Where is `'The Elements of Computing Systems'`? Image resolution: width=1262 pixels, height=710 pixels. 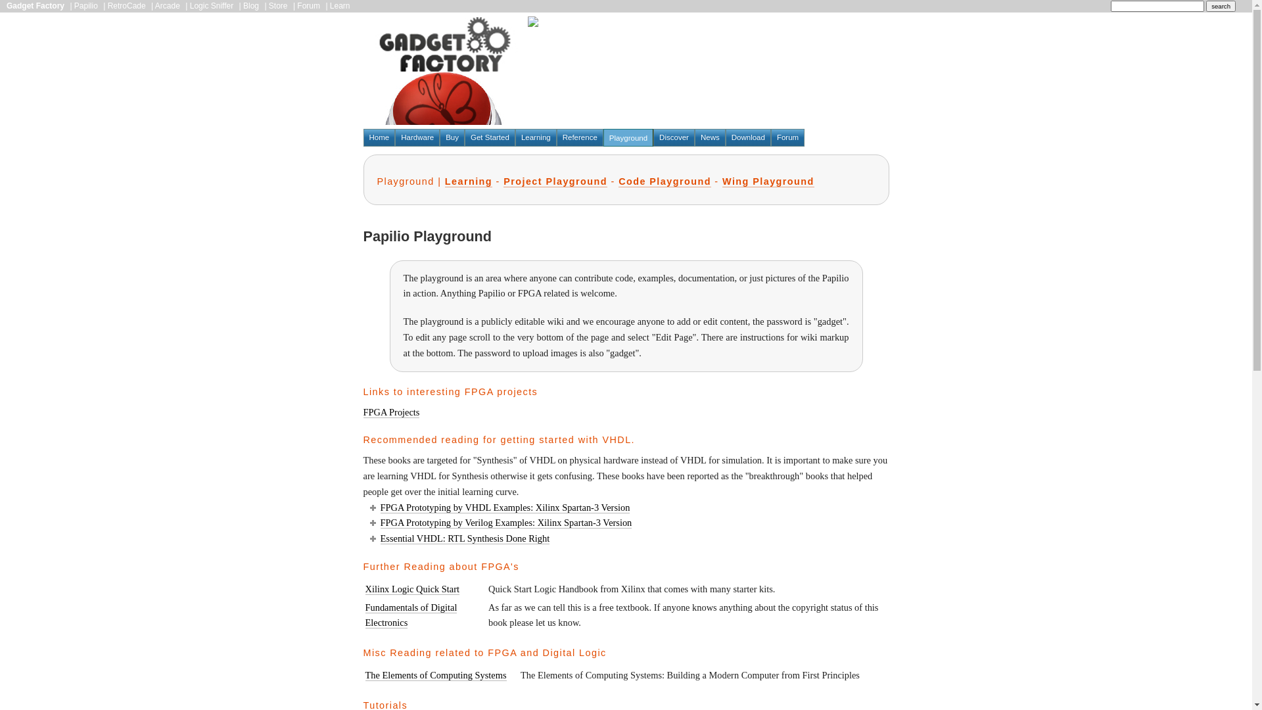
'The Elements of Computing Systems' is located at coordinates (365, 675).